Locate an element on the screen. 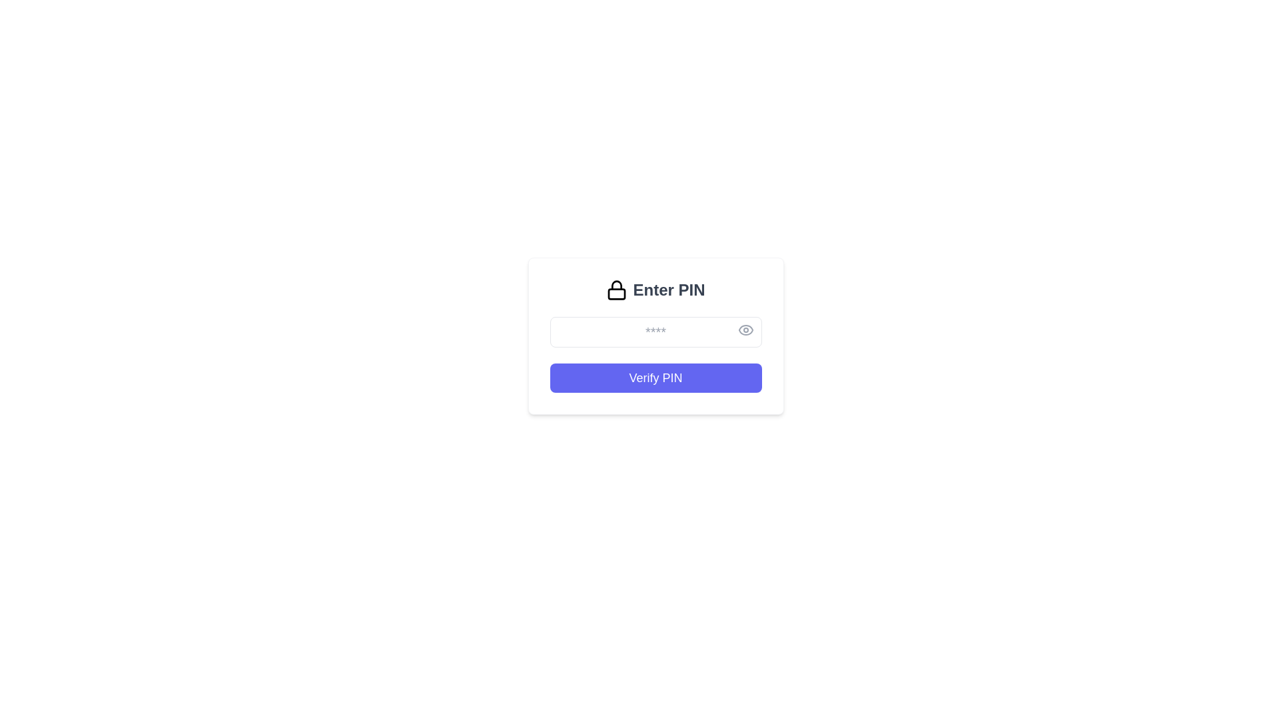 This screenshot has width=1279, height=719. the rectangular part of the lock icon located in the lower half of the lock symbol, which is situated above the 'Enter PIN' text is located at coordinates (616, 294).